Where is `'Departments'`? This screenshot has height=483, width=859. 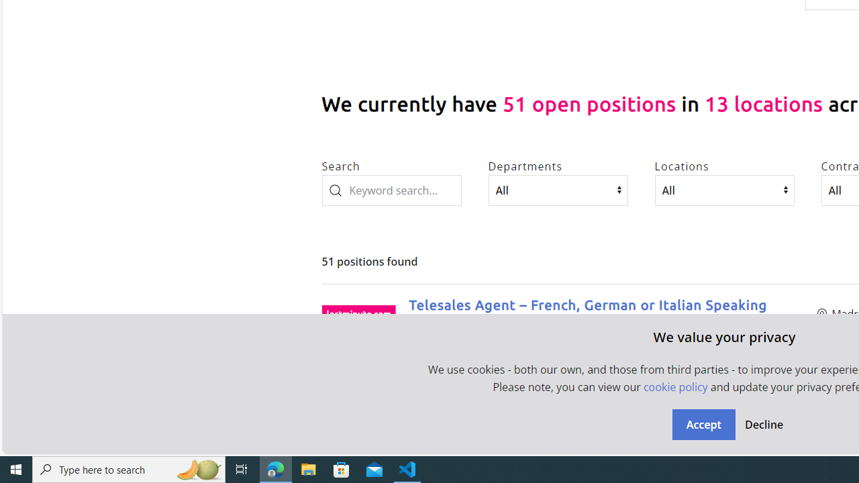
'Departments' is located at coordinates (558, 190).